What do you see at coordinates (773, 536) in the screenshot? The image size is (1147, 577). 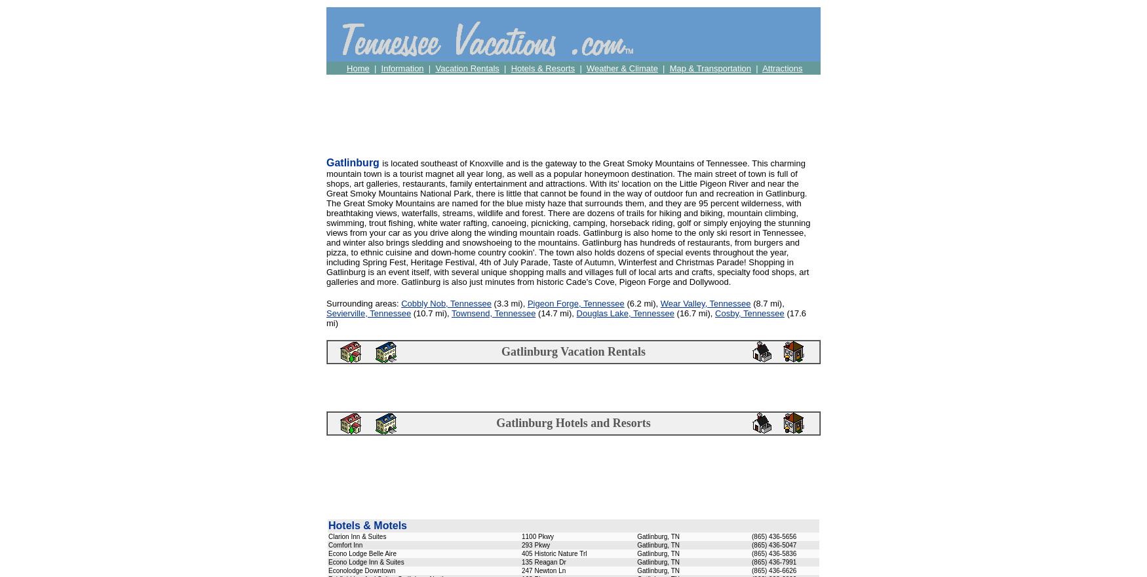 I see `'(865) 436-5656'` at bounding box center [773, 536].